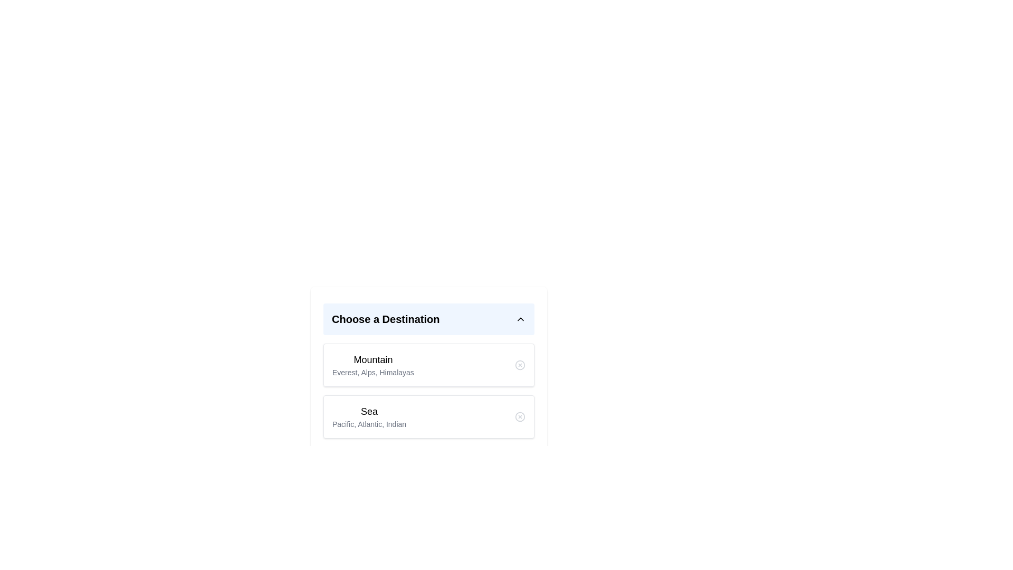  I want to click on the silver-gray circular part of the cancel or remove button located within the 'Mountain' list item under the 'Choose a Destination' dropdown, positioned to the right of the 'Mountain' label, so click(520, 364).